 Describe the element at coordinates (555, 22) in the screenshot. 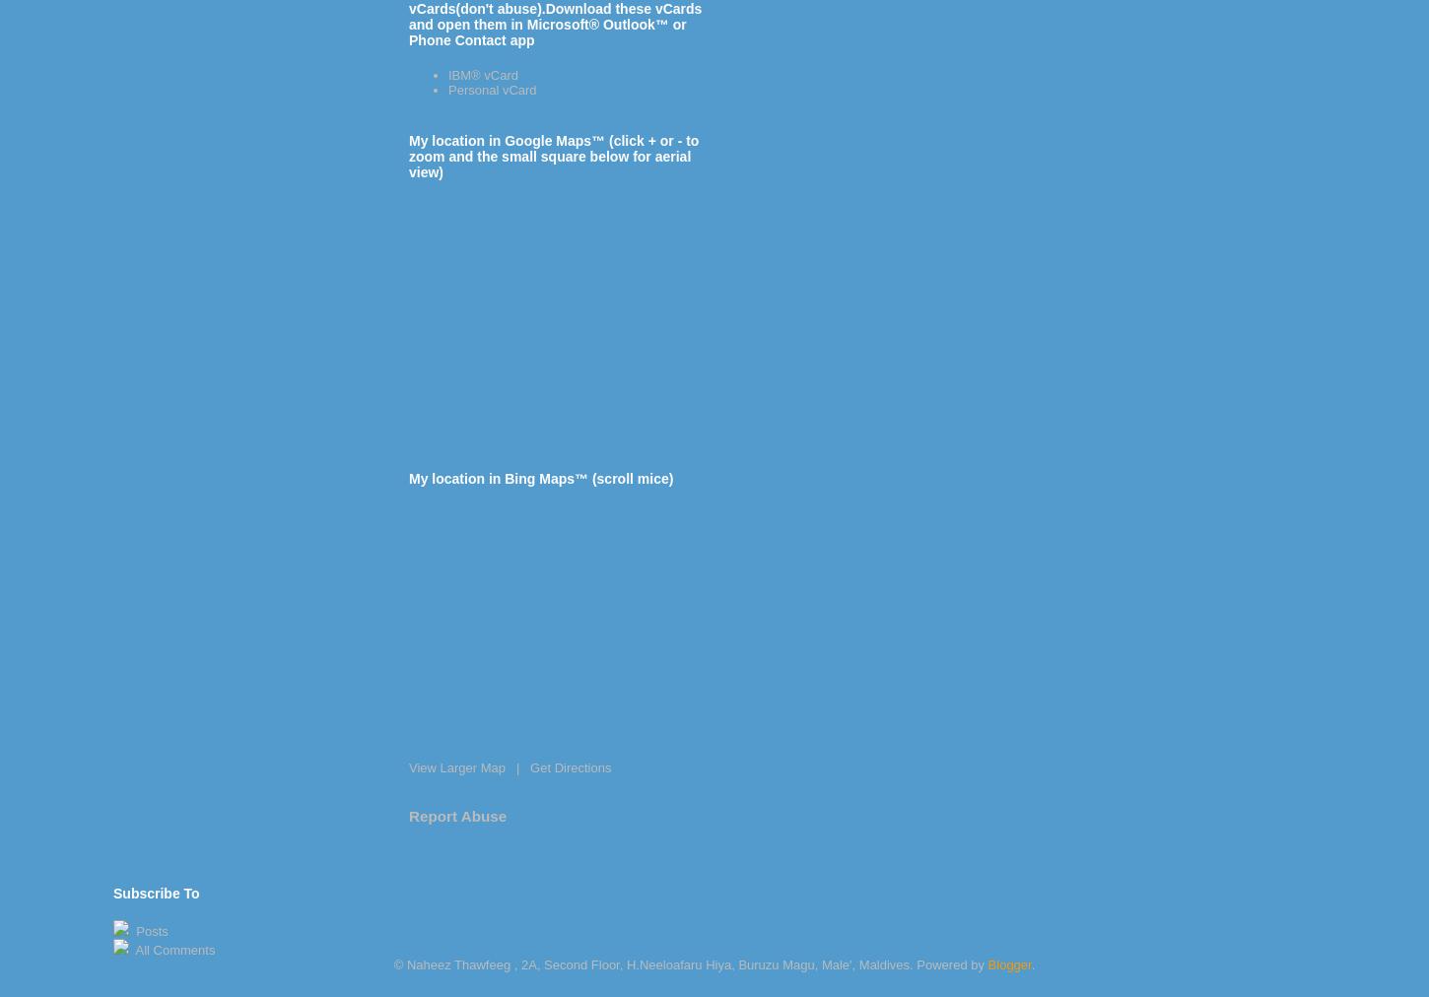

I see `'vCards(don't abuse).Download these vCards and open them in Microsoft® Outlook™ or Phone Contact app'` at that location.